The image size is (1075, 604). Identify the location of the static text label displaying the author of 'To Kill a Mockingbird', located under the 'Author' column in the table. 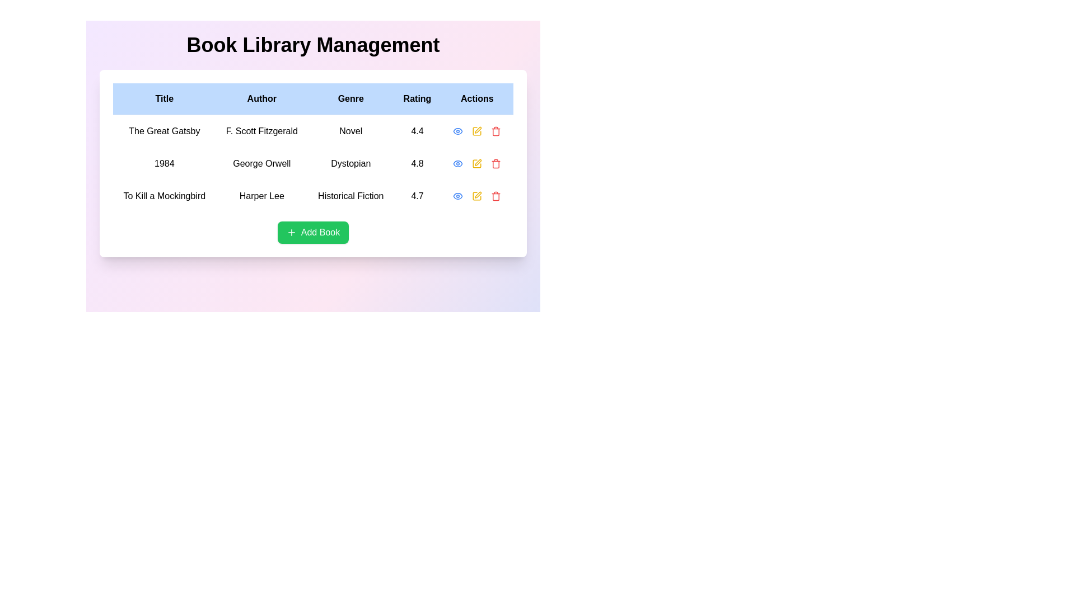
(261, 196).